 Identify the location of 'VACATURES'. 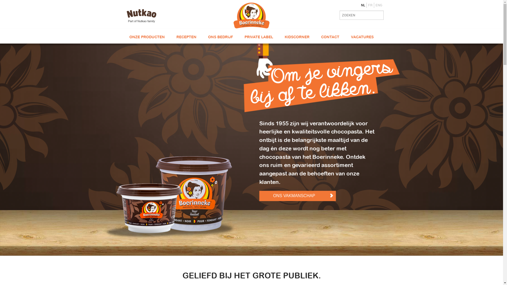
(362, 36).